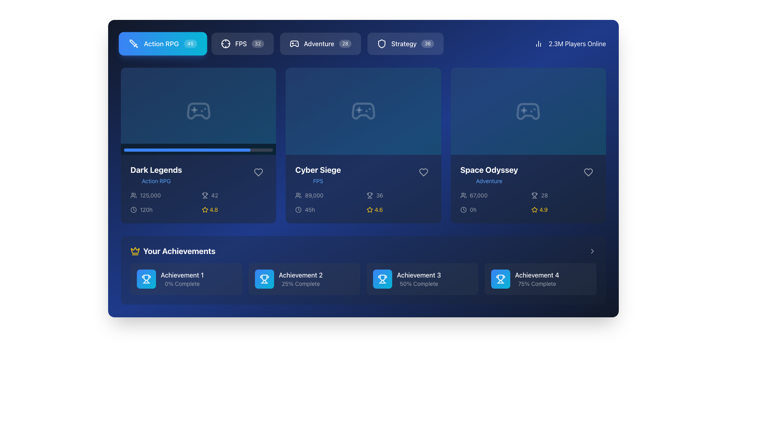  What do you see at coordinates (381, 44) in the screenshot?
I see `the 'Strategy' category icon located in the header section of the interface` at bounding box center [381, 44].